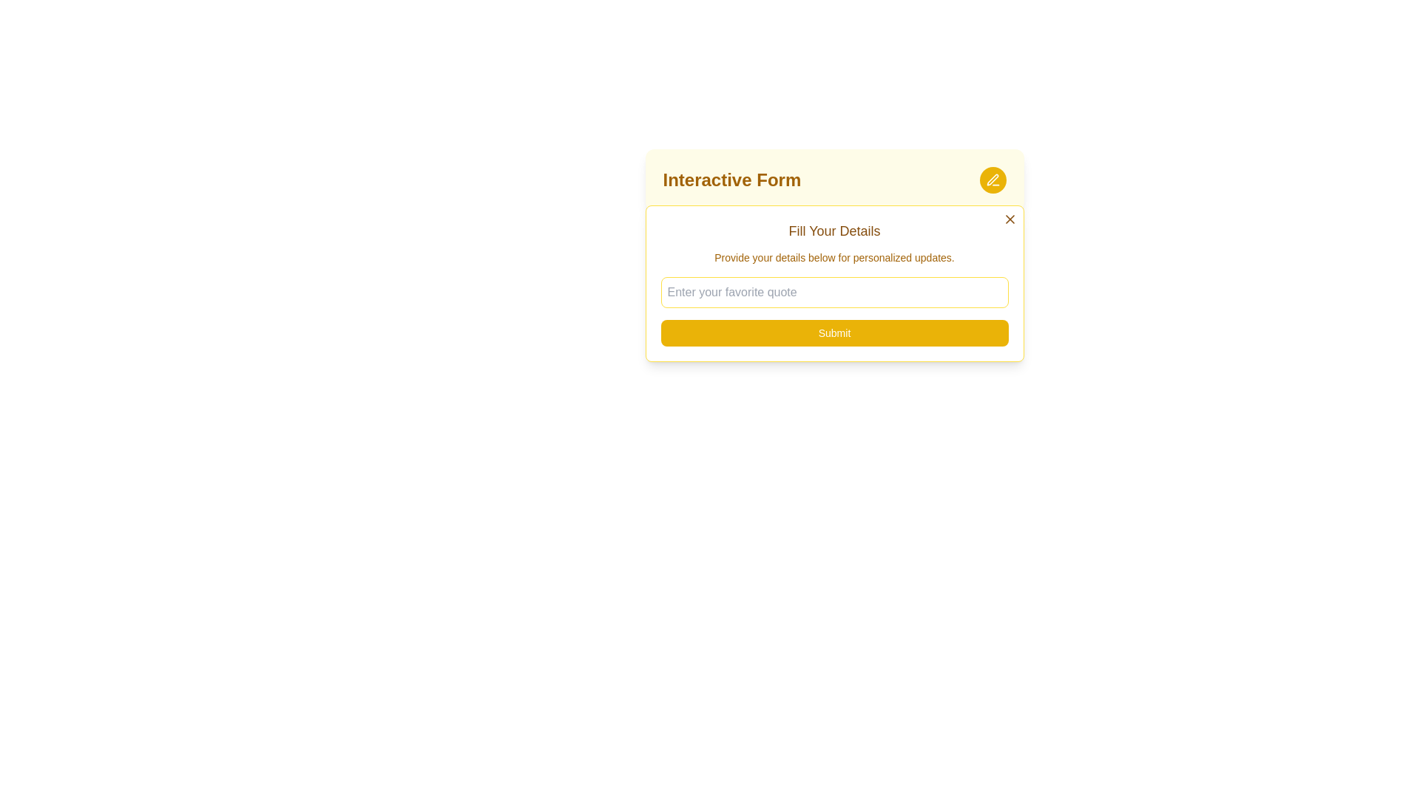 The image size is (1420, 798). What do you see at coordinates (993, 179) in the screenshot?
I see `the yellow pen icon located in the top-right corner of the 'Interactive Form' popup` at bounding box center [993, 179].